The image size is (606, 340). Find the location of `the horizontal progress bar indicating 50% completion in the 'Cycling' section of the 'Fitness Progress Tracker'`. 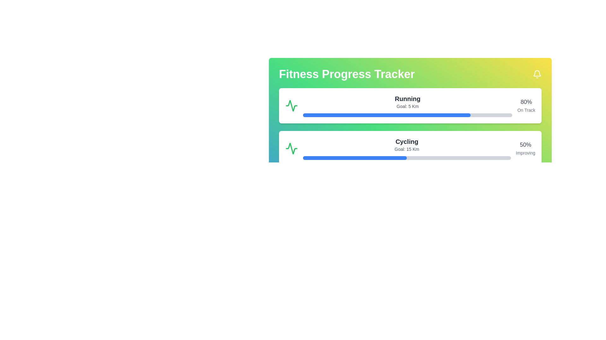

the horizontal progress bar indicating 50% completion in the 'Cycling' section of the 'Fitness Progress Tracker' is located at coordinates (407, 157).